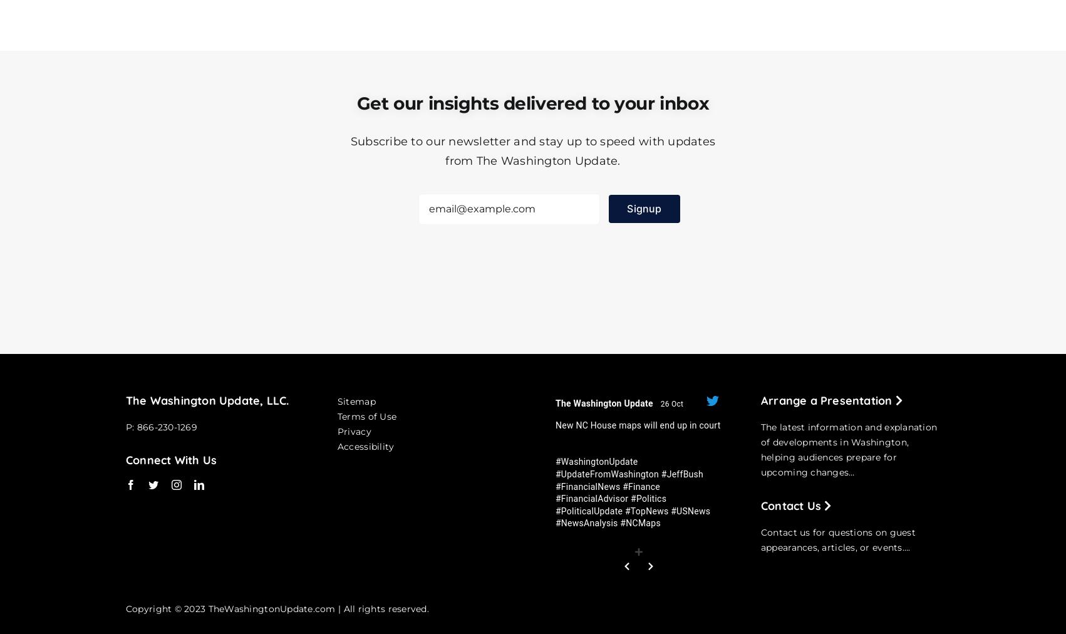 The image size is (1066, 634). I want to click on 'Terms of Use', so click(366, 415).